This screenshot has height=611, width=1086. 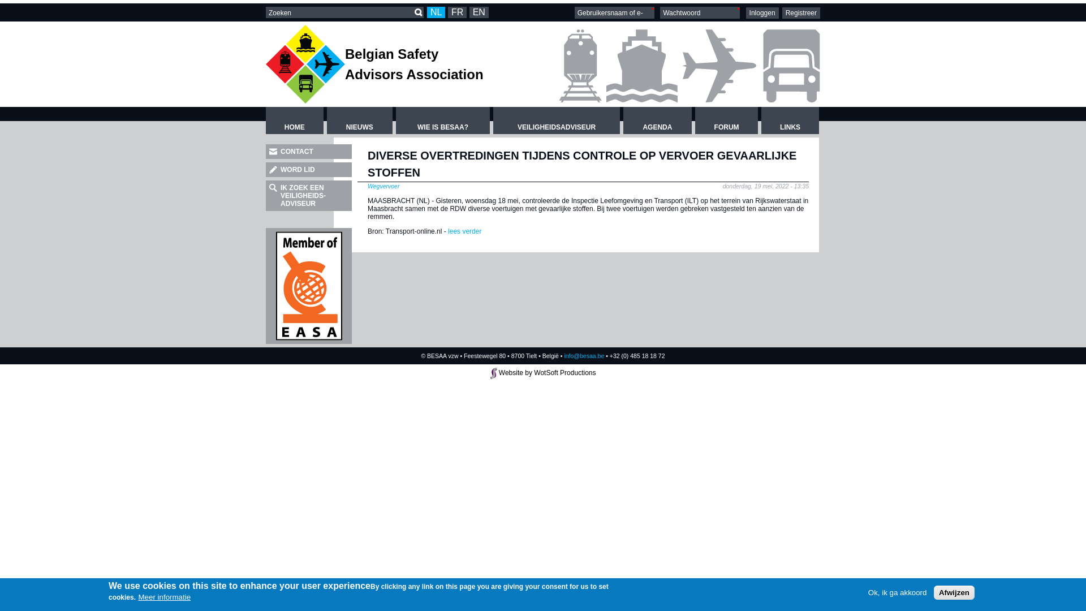 What do you see at coordinates (265, 195) in the screenshot?
I see `'IK ZOEK EEN VEILIGHEIDS-ADVISEUR'` at bounding box center [265, 195].